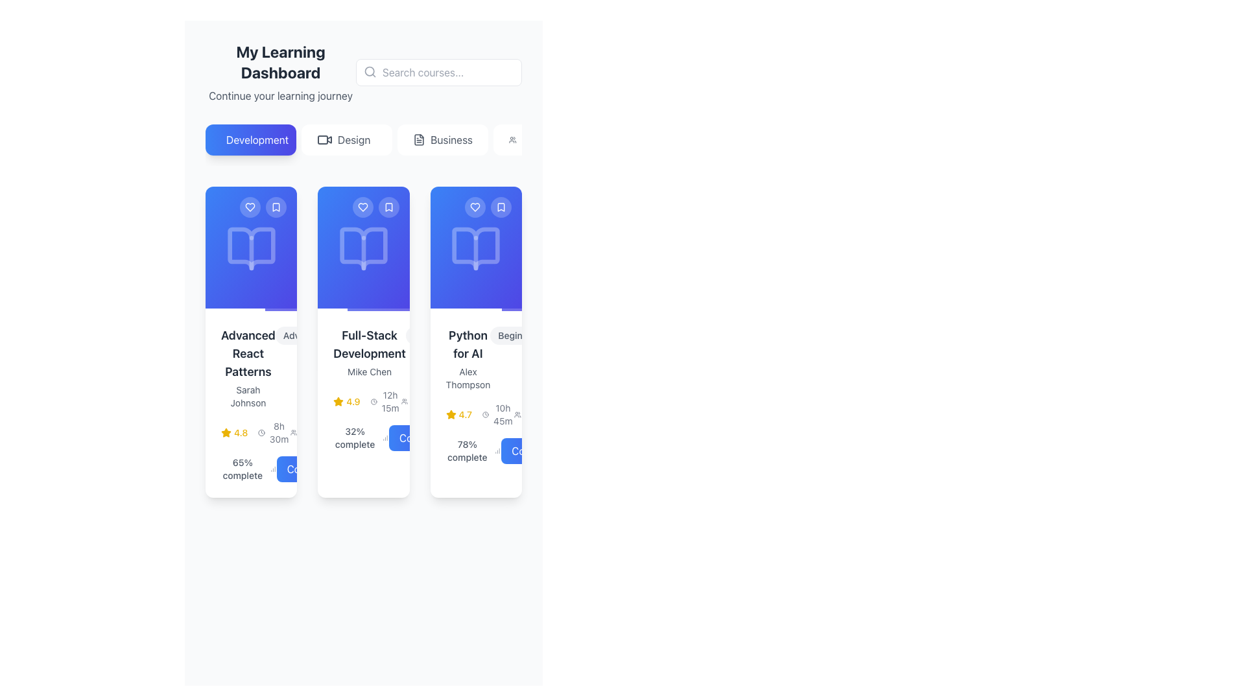  What do you see at coordinates (234, 432) in the screenshot?
I see `the displayed rating of '4.8' represented by a yellow star icon in the 'Advanced React Patterns' card` at bounding box center [234, 432].